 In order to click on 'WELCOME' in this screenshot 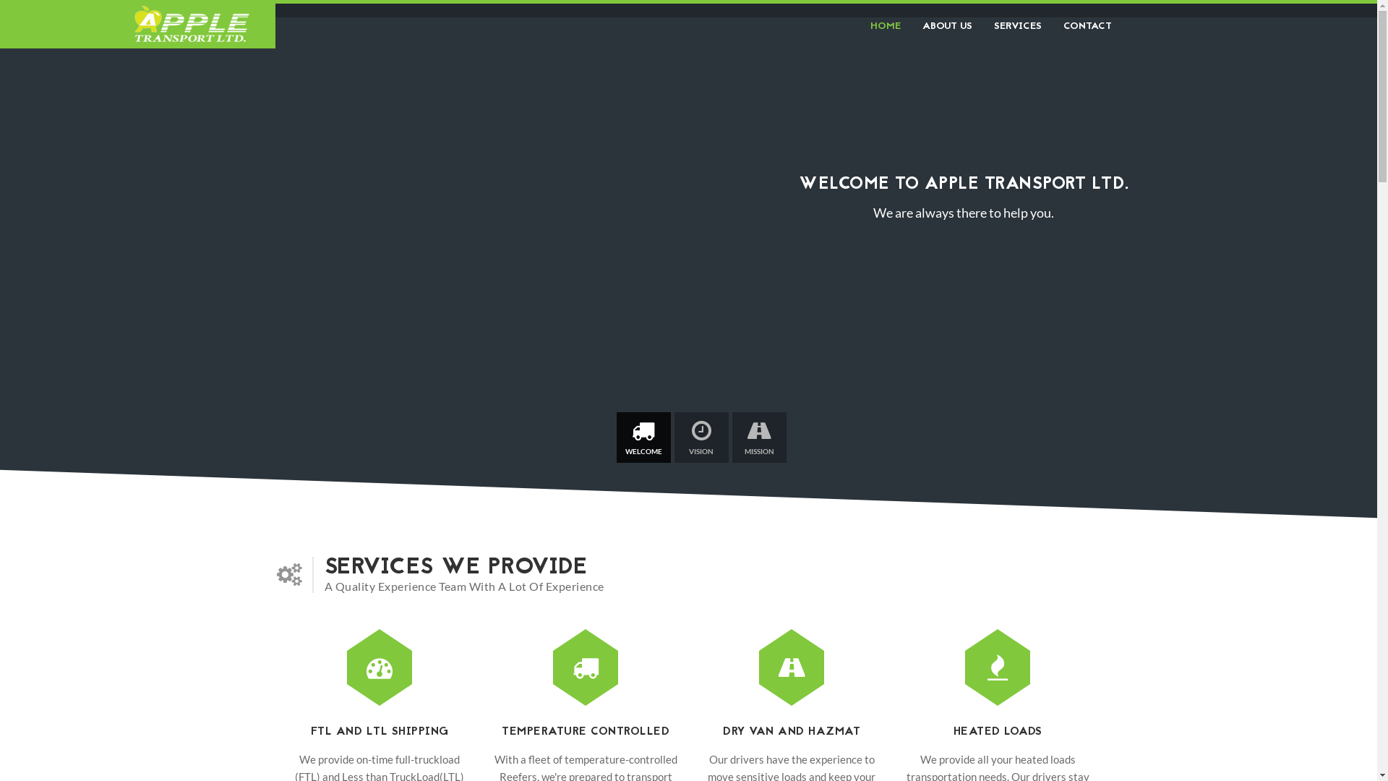, I will do `click(642, 437)`.